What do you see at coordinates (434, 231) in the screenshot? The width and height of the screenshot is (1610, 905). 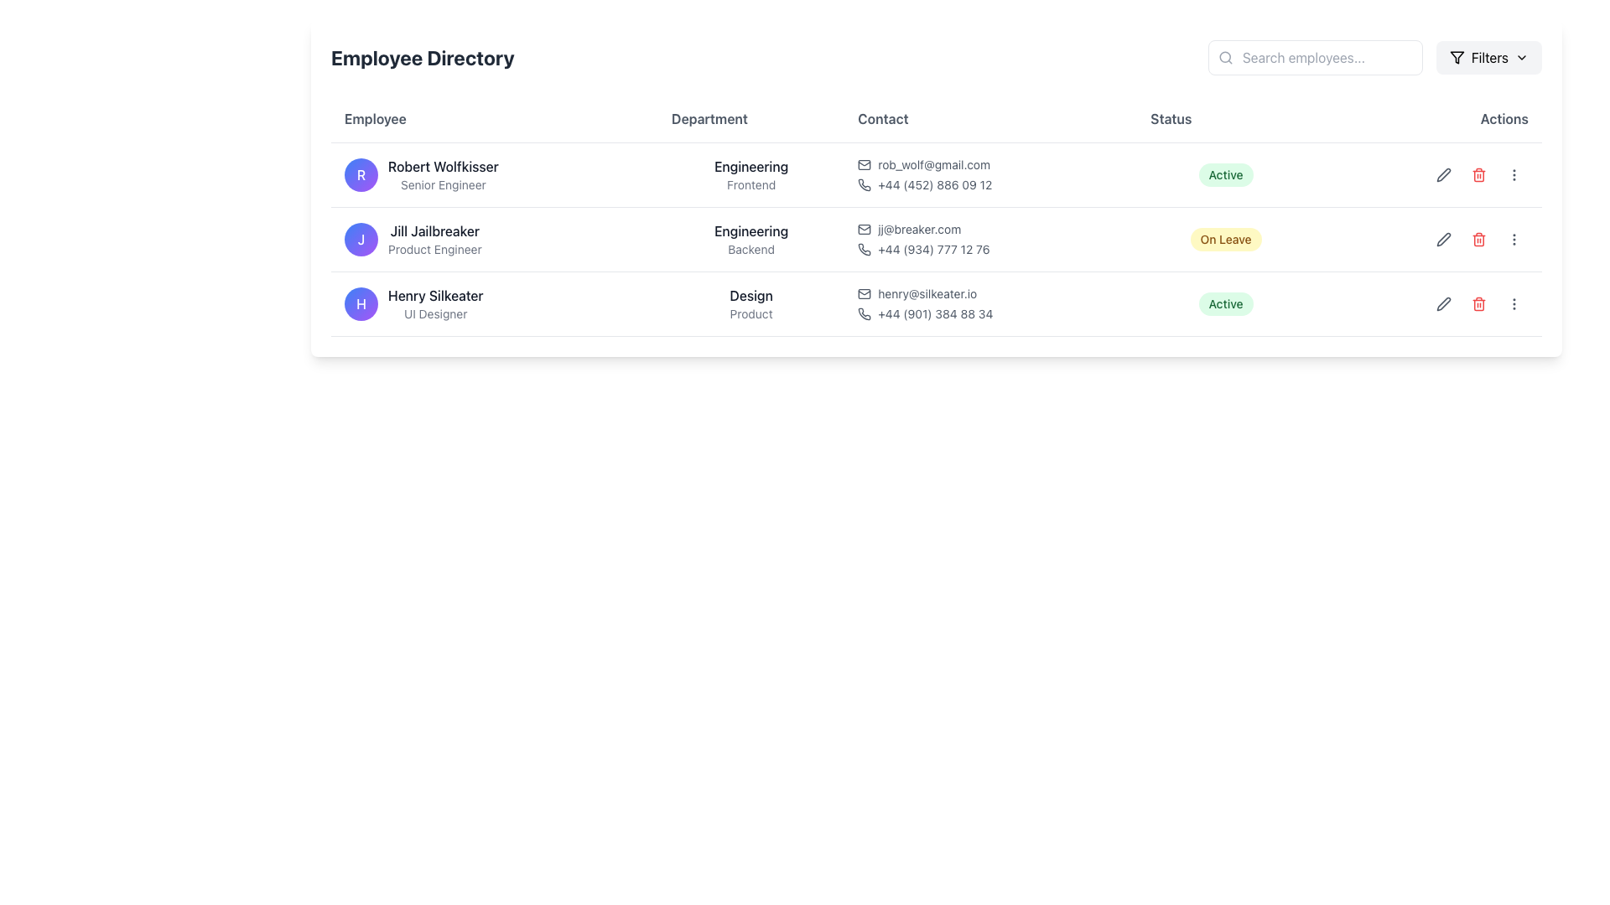 I see `the text label displaying 'Jill Jailbreaker' in the employee directory, which is positioned above the job title 'Product Engineer'` at bounding box center [434, 231].